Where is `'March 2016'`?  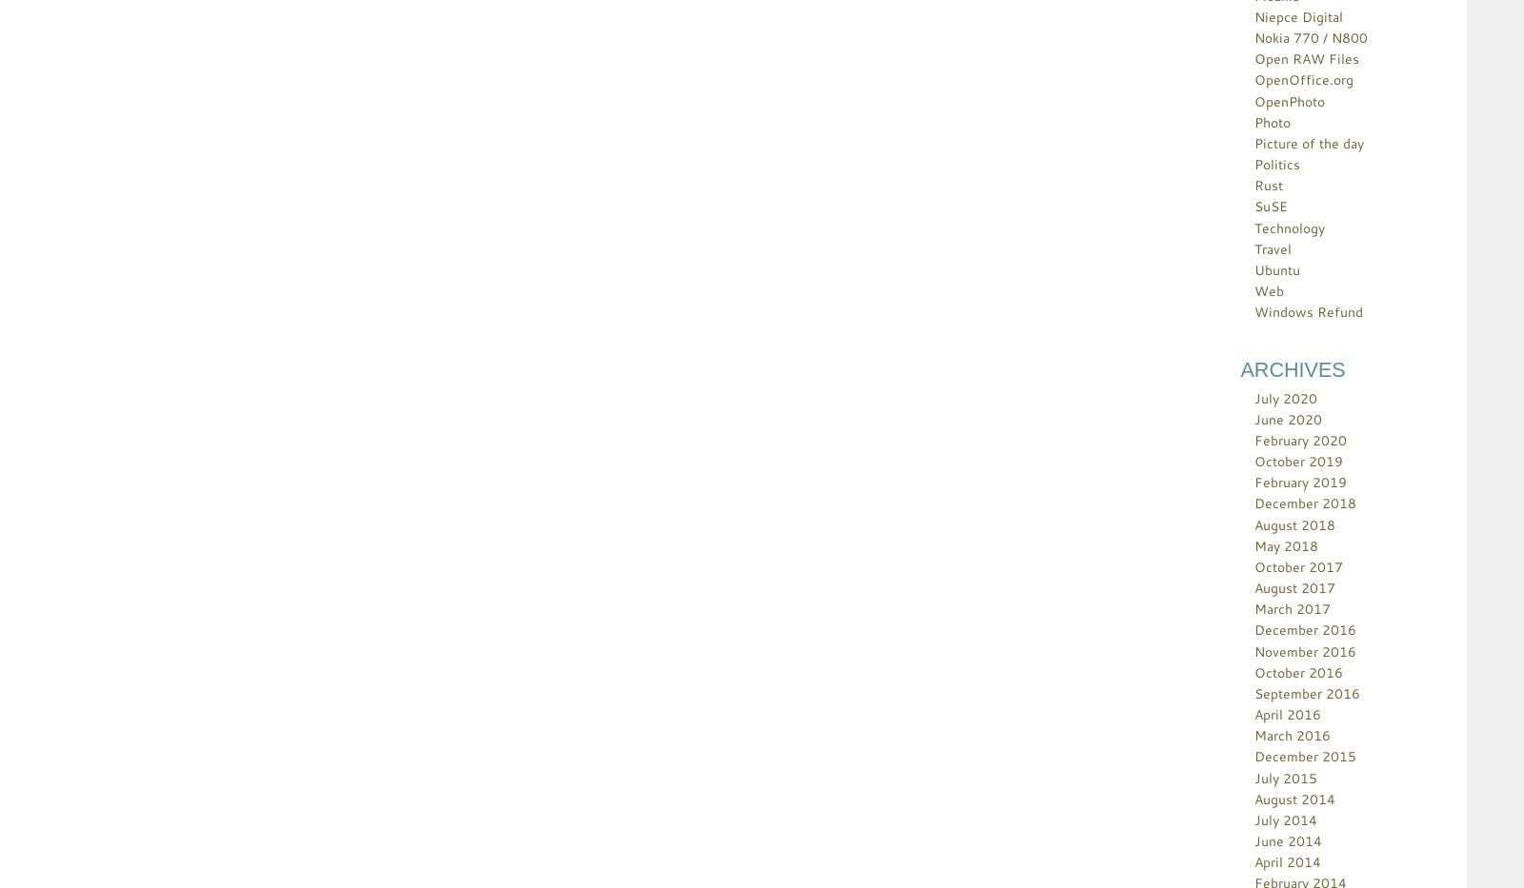
'March 2016' is located at coordinates (1291, 734).